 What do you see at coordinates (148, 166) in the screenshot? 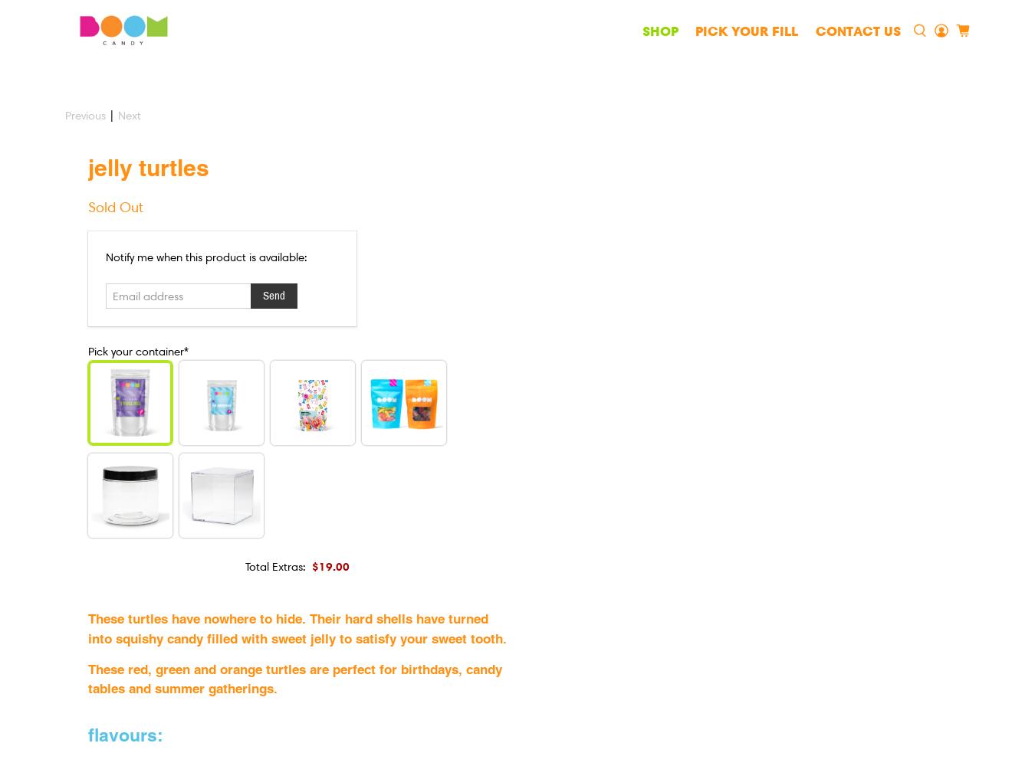
I see `'jelly turtles'` at bounding box center [148, 166].